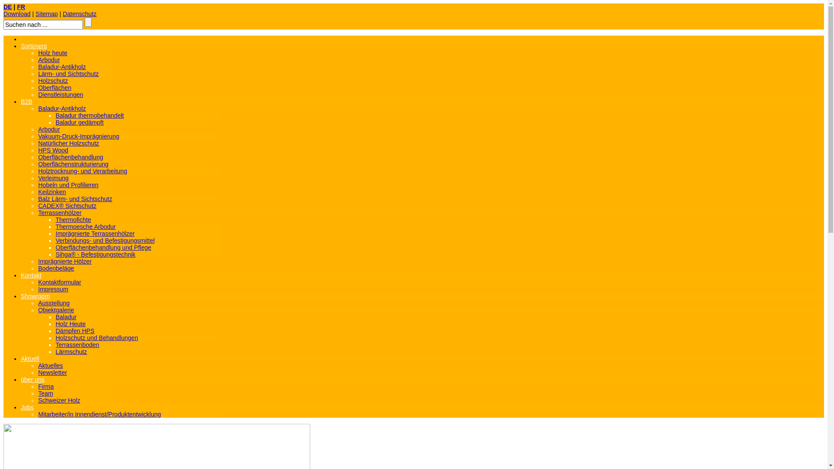  I want to click on 'Holz heute', so click(52, 53).